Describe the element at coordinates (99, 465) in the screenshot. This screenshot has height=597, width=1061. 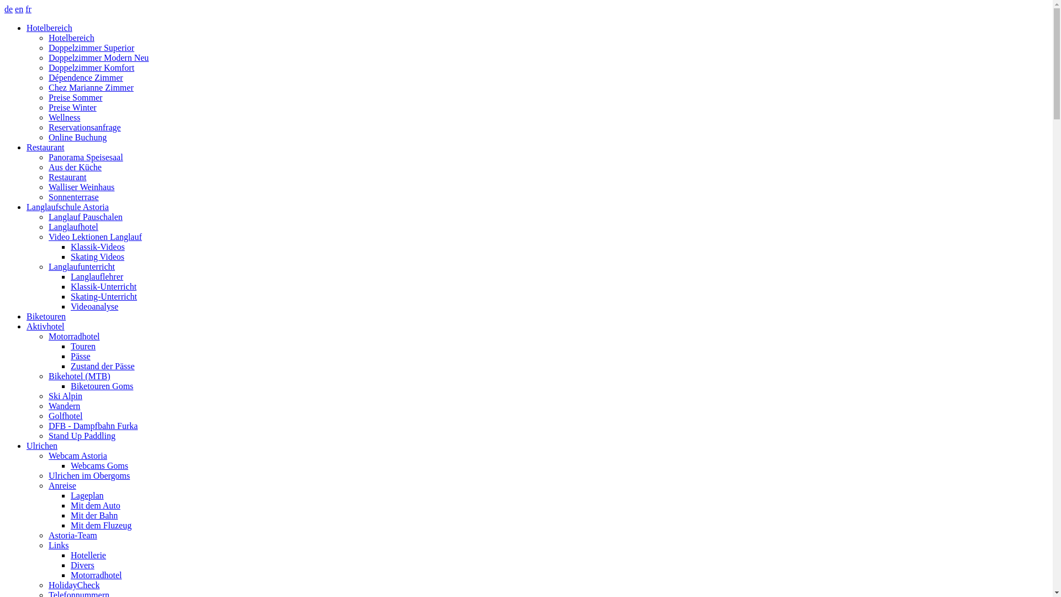
I see `'Webcams Goms'` at that location.